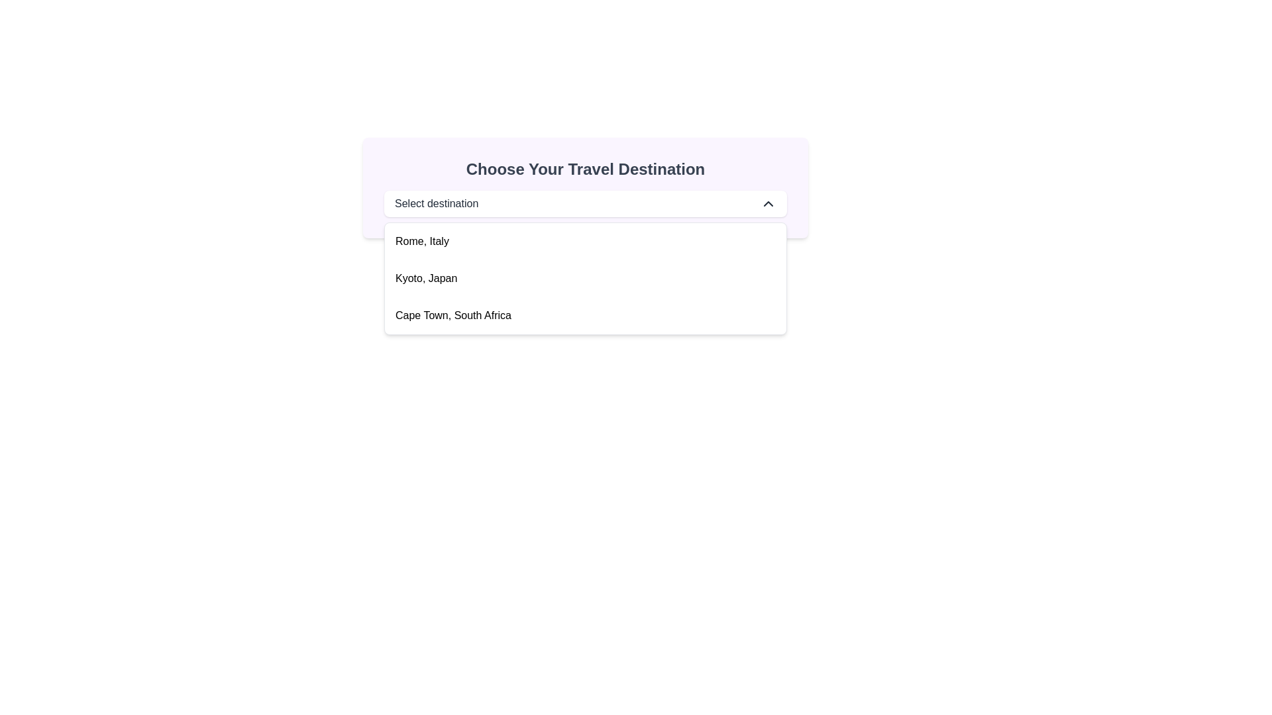 The image size is (1272, 715). What do you see at coordinates (426, 277) in the screenshot?
I see `the second item in the dropdown list representing 'Kyoto, Japan'` at bounding box center [426, 277].